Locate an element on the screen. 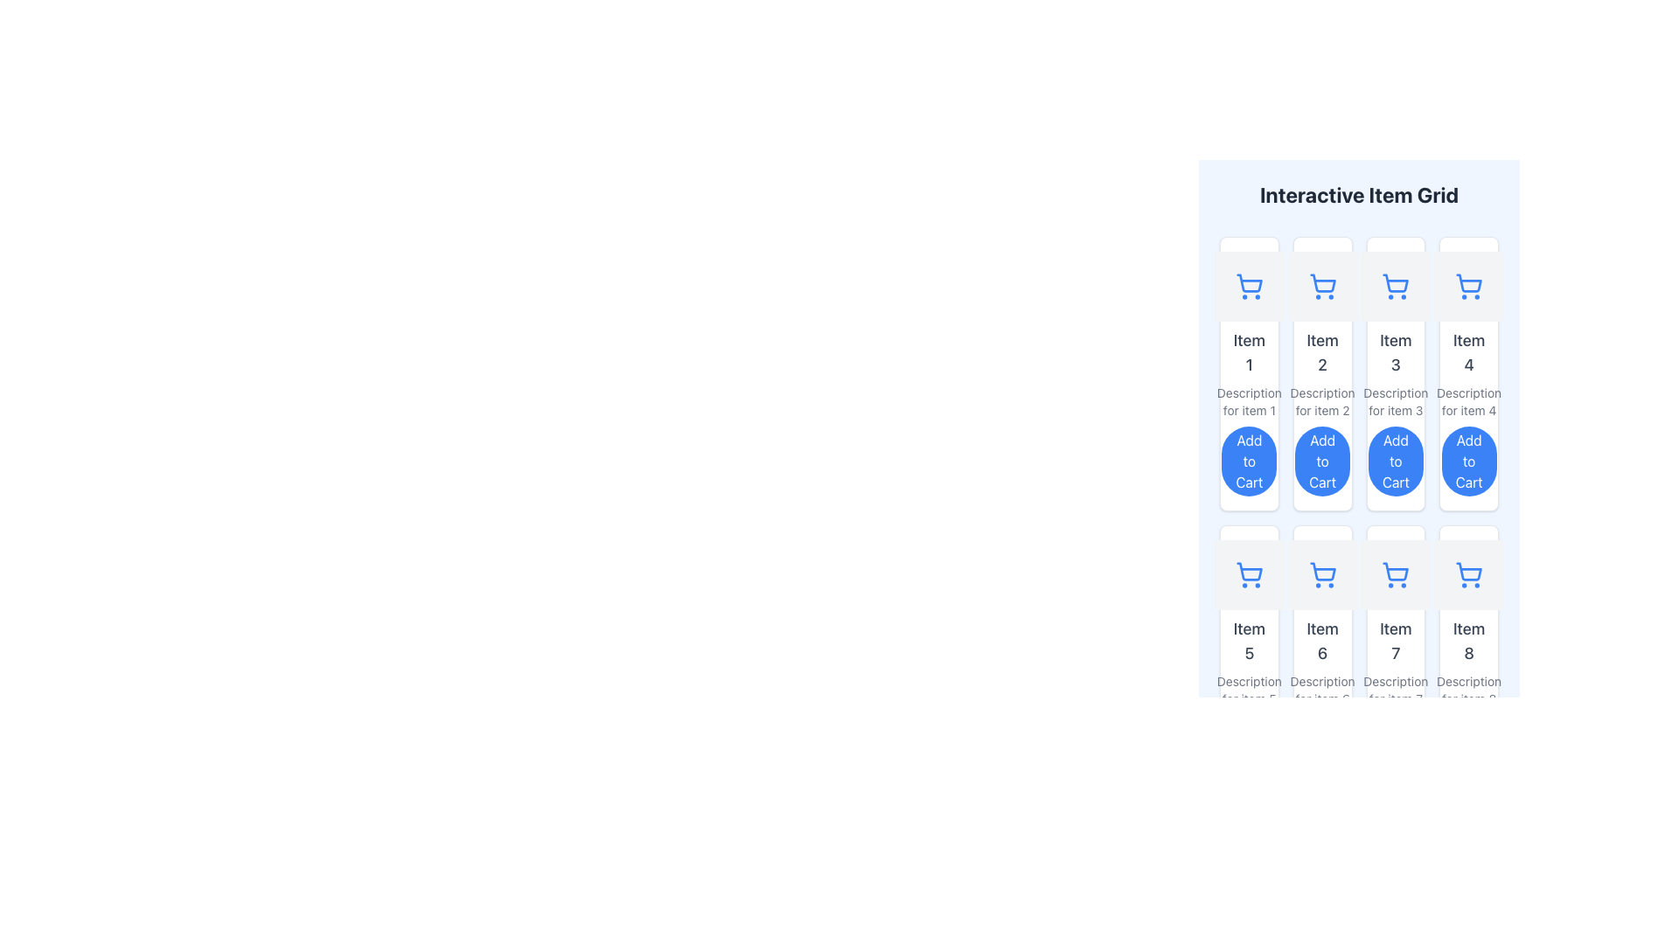 The width and height of the screenshot is (1679, 944). the header text label that serves as the title for the section above the interactive item grid is located at coordinates (1358, 195).